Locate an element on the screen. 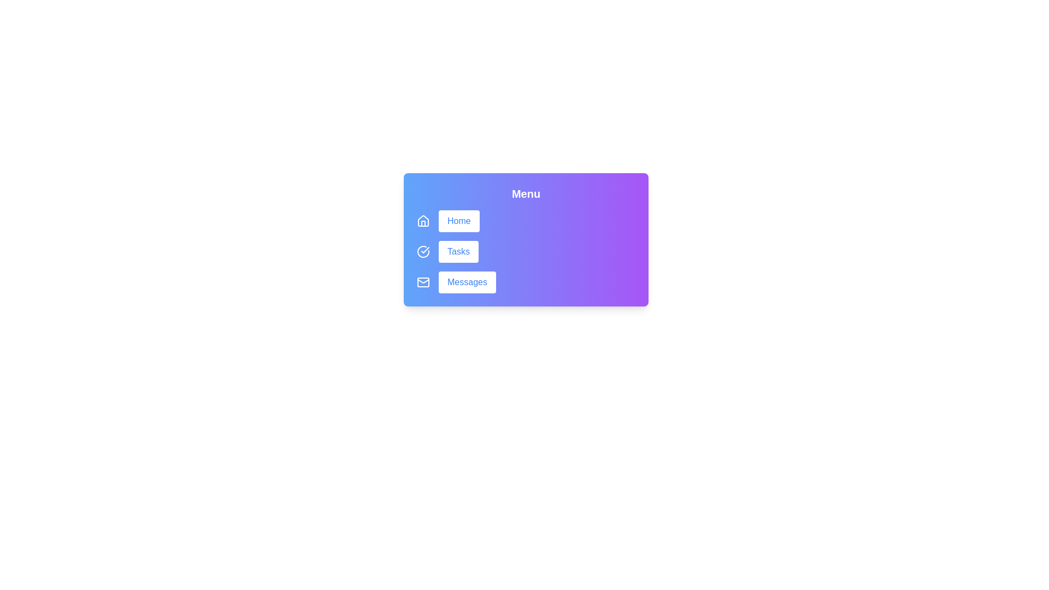  the 'Home' button to navigate to the home section is located at coordinates (459, 221).